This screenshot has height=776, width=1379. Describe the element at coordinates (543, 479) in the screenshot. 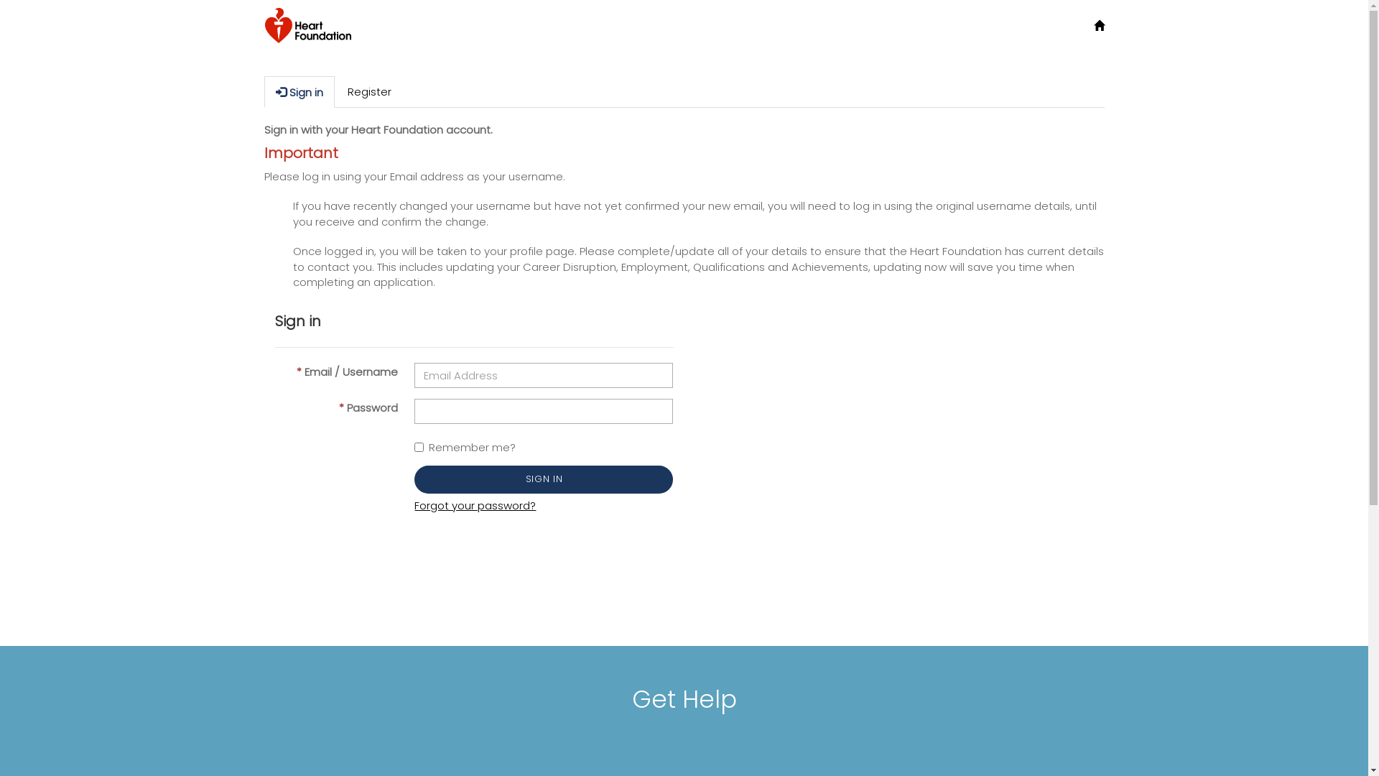

I see `'SIGN IN'` at that location.